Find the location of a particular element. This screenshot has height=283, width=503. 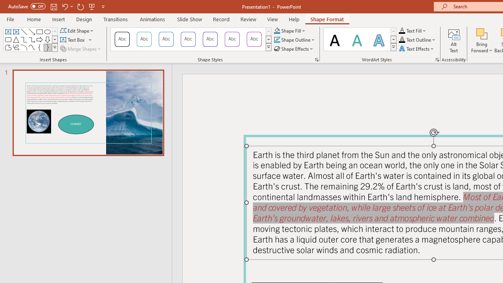

'Line Arrow' is located at coordinates (31, 31).